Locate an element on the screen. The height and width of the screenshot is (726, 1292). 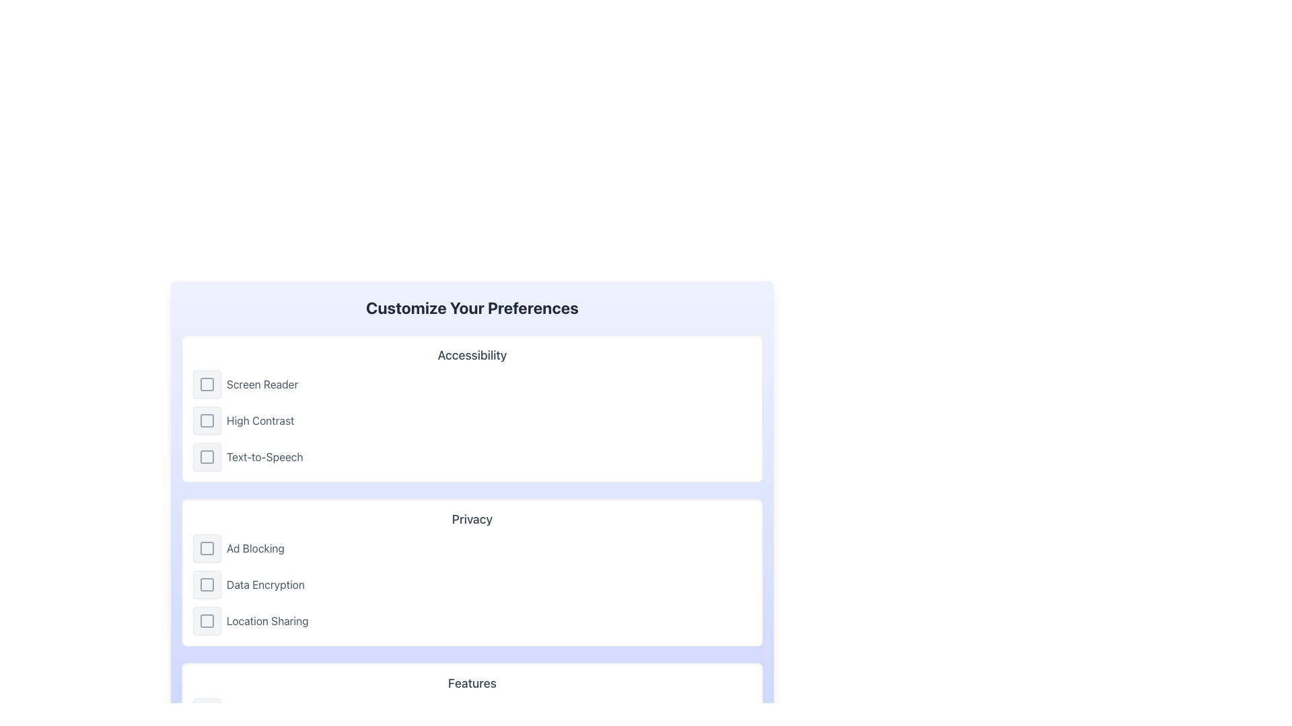
the second checkbox in the Privacy section is located at coordinates (206, 584).